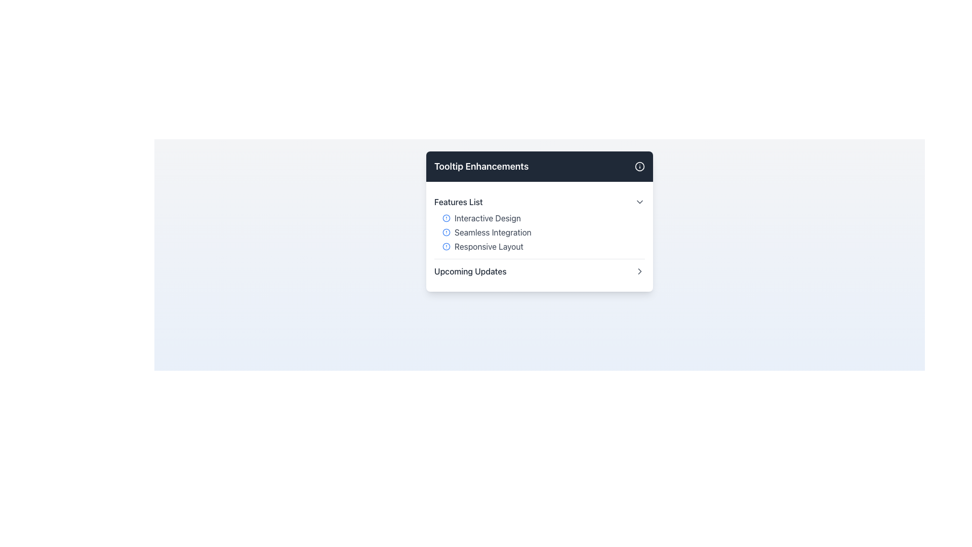  What do you see at coordinates (639, 166) in the screenshot?
I see `SVG graphic circle element, which is part of the information icon located at the top-right corner of the 'Tooltip Enhancements' card` at bounding box center [639, 166].